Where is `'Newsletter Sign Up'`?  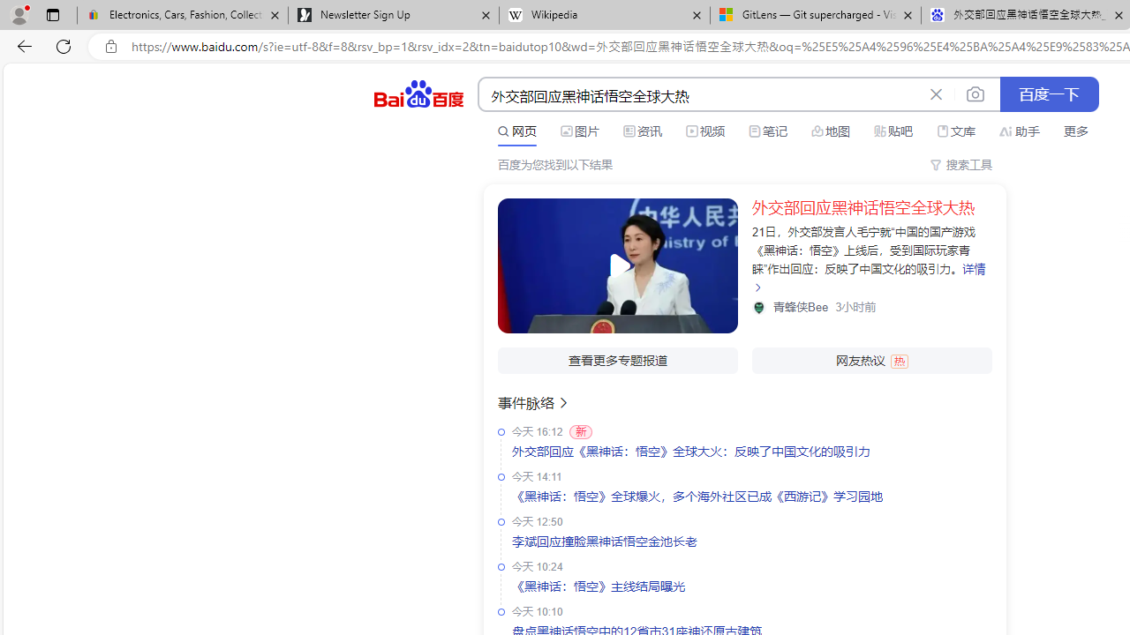 'Newsletter Sign Up' is located at coordinates (392, 15).